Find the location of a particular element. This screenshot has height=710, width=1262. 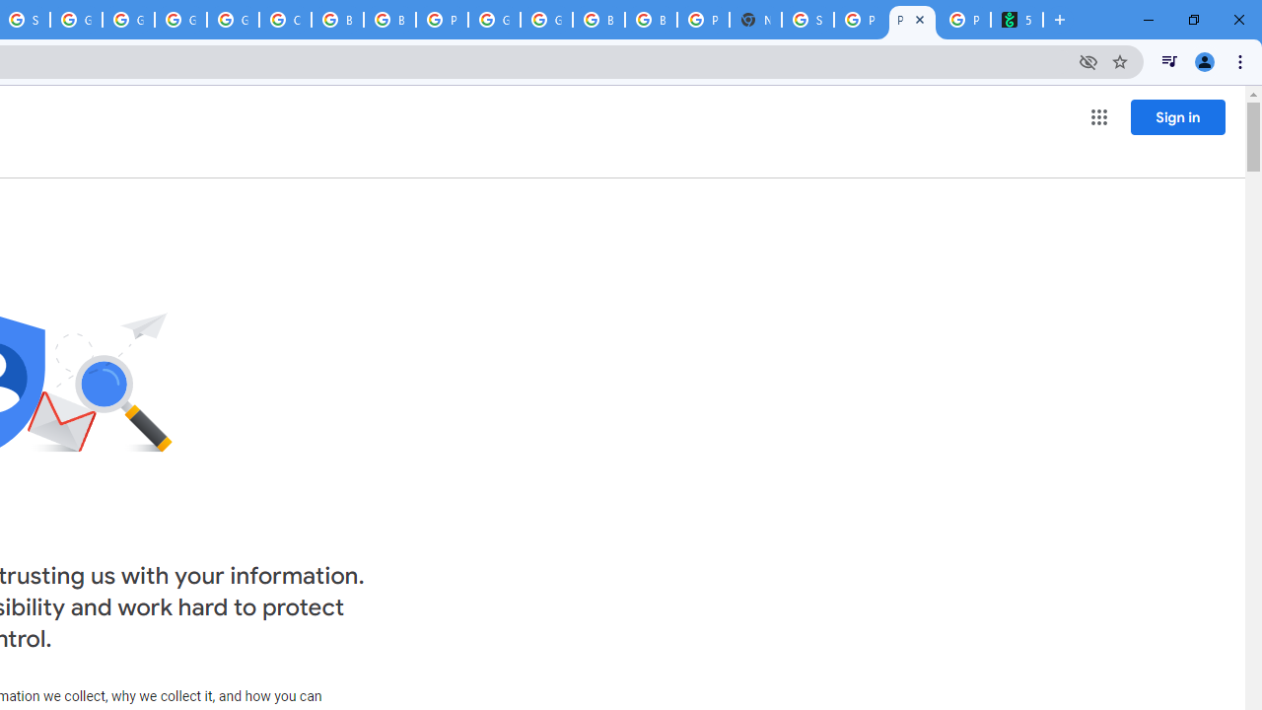

'Third-party cookies blocked' is located at coordinates (1087, 60).